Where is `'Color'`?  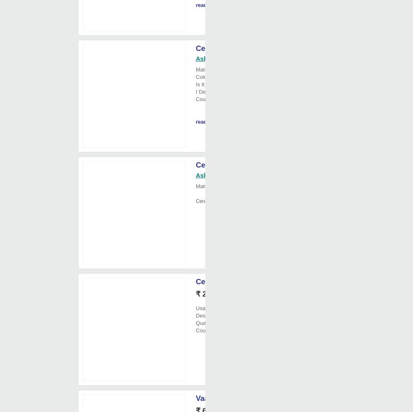 'Color' is located at coordinates (202, 76).